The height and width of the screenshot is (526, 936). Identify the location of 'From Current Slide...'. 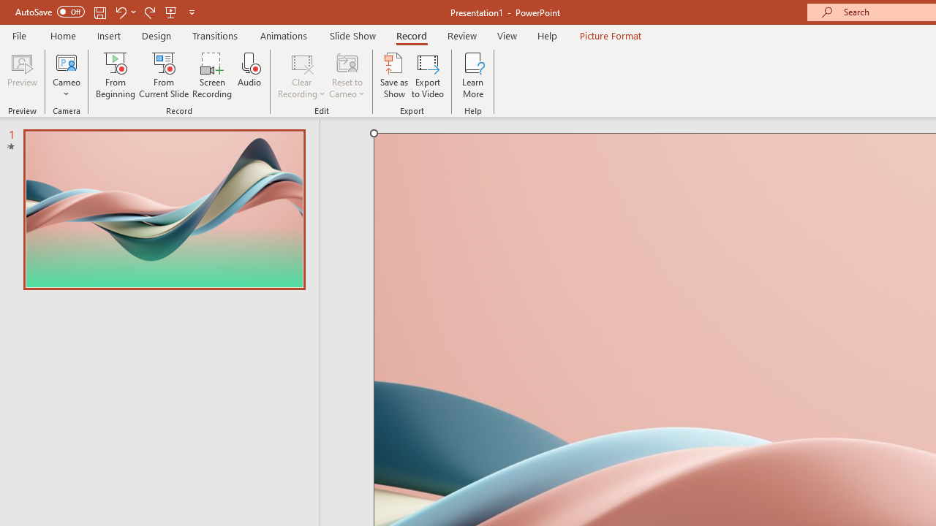
(164, 75).